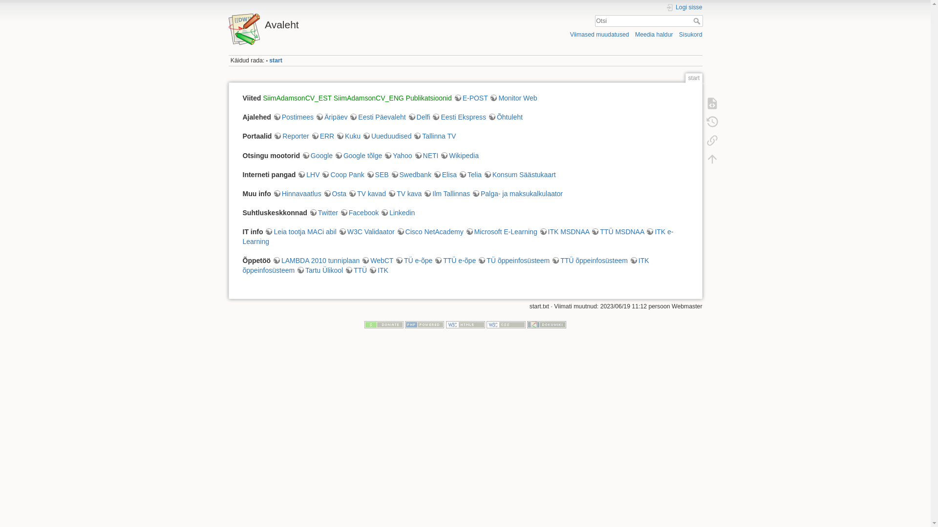 Image resolution: width=938 pixels, height=527 pixels. Describe the element at coordinates (546, 324) in the screenshot. I see `'Driven by DokuWiki'` at that location.